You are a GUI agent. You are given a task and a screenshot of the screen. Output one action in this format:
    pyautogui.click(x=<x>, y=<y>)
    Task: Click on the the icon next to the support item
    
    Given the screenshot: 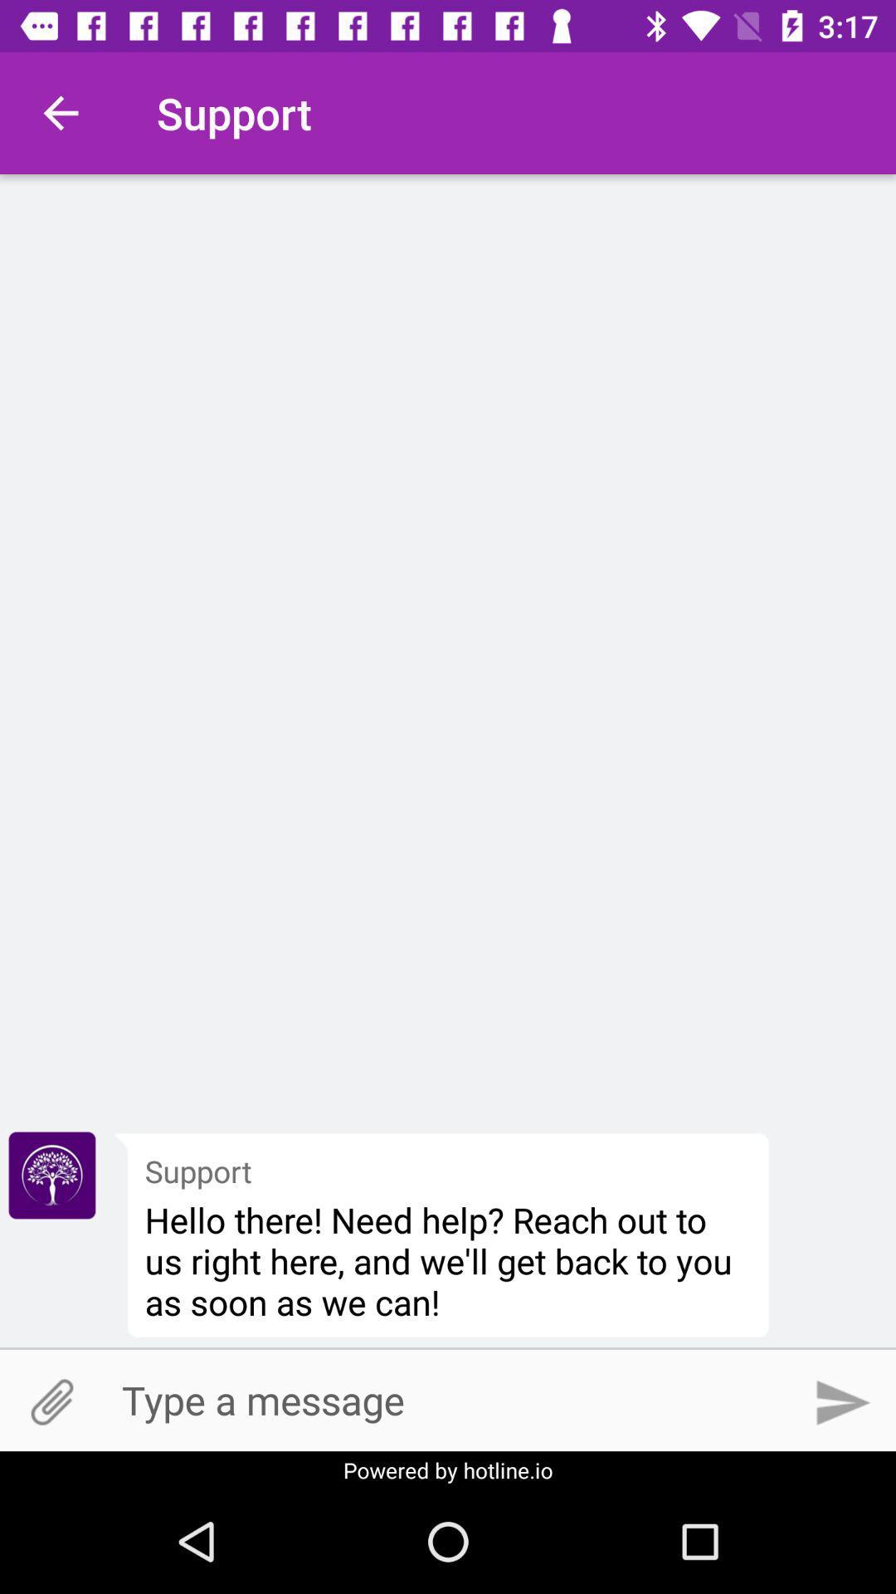 What is the action you would take?
    pyautogui.click(x=60, y=112)
    